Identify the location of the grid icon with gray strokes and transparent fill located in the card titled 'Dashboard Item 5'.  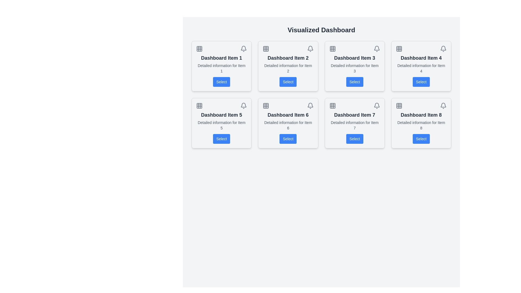
(199, 106).